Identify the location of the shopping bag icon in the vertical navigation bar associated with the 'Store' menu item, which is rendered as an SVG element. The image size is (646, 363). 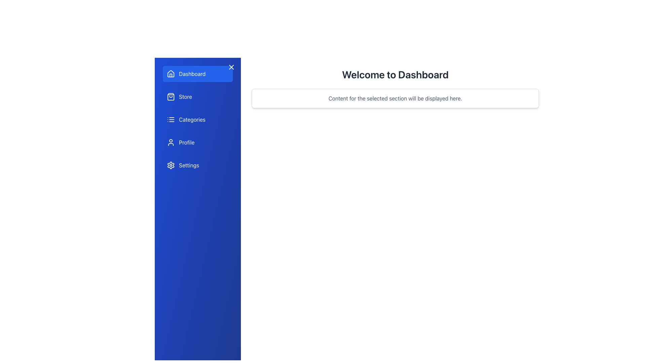
(171, 97).